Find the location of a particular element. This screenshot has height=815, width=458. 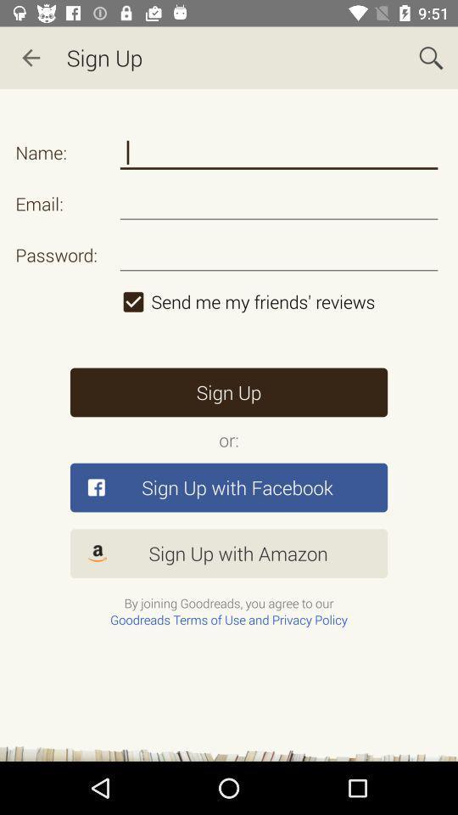

put the name is located at coordinates (279, 152).